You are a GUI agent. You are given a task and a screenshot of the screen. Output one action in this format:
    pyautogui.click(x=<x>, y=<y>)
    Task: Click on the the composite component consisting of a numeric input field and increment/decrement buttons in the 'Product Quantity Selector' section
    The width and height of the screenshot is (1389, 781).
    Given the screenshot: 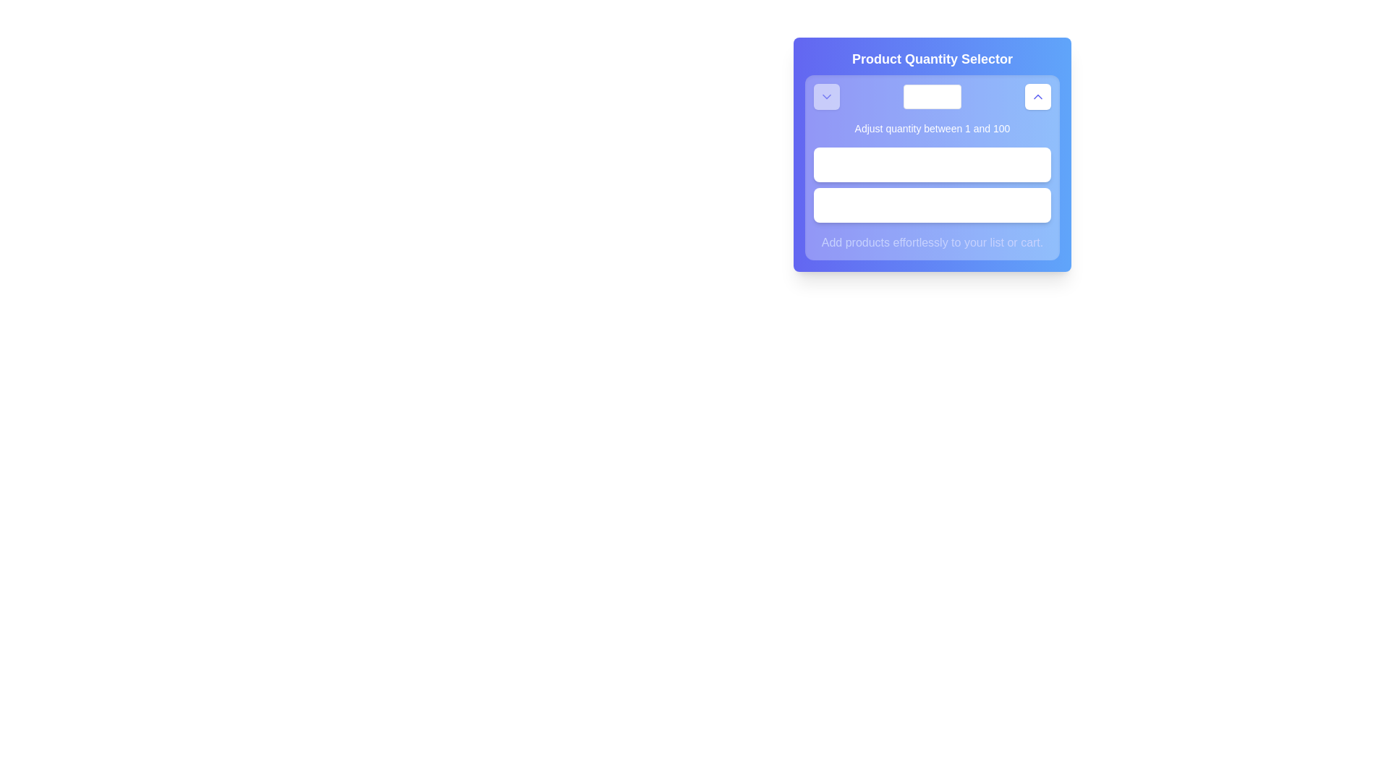 What is the action you would take?
    pyautogui.click(x=933, y=97)
    